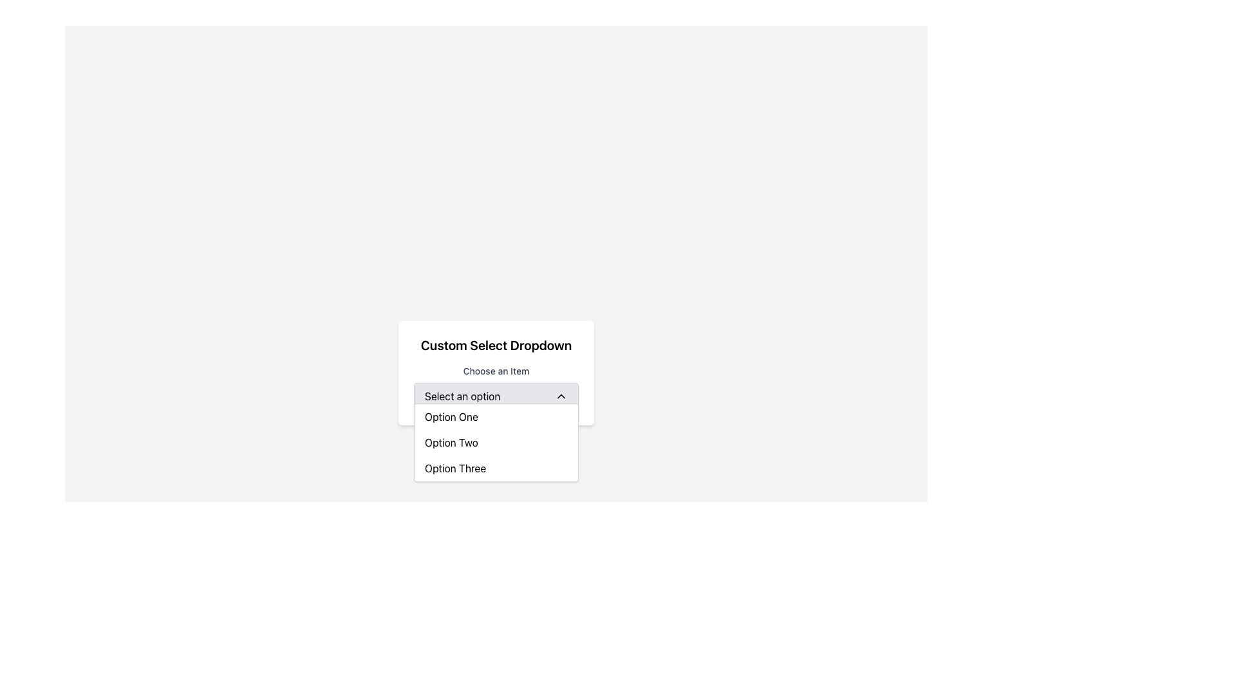 Image resolution: width=1236 pixels, height=695 pixels. I want to click on to select the second option in the dropdown menu labeled 'Select an option', so click(451, 441).